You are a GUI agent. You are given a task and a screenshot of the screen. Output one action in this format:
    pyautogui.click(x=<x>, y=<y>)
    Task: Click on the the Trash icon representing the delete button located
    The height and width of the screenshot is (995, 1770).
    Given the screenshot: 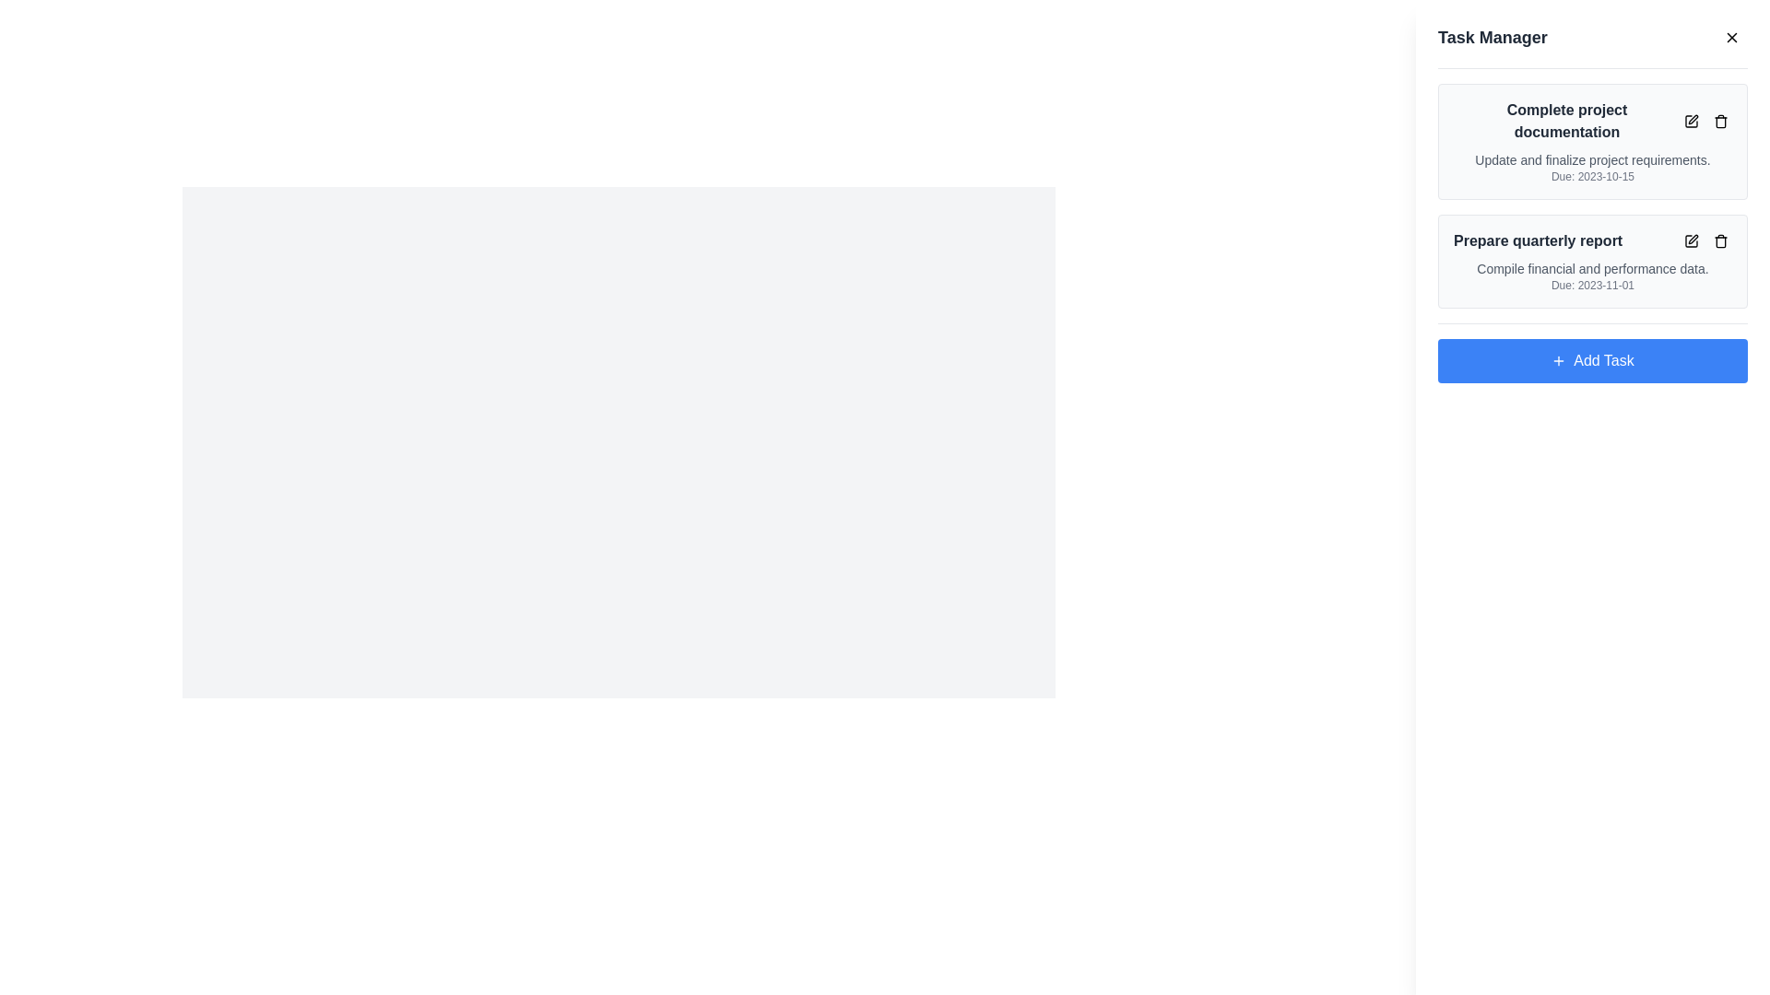 What is the action you would take?
    pyautogui.click(x=1720, y=121)
    